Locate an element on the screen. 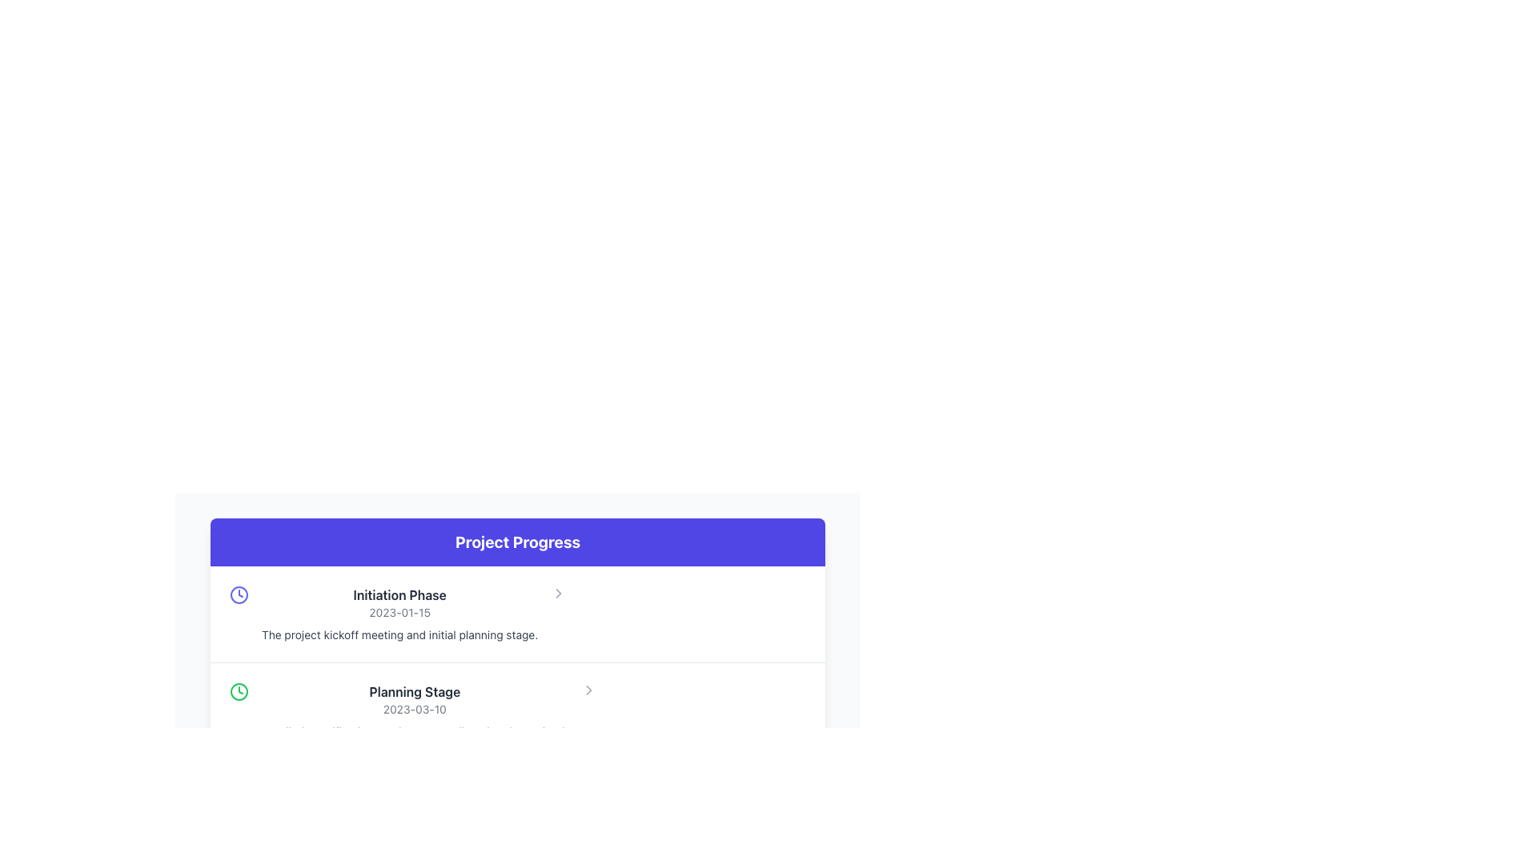  the indigo clock icon located near the left edge of the row containing 'Initiation Phase' and '2023-01-15' in the 'Project Progress' section is located at coordinates (238, 595).